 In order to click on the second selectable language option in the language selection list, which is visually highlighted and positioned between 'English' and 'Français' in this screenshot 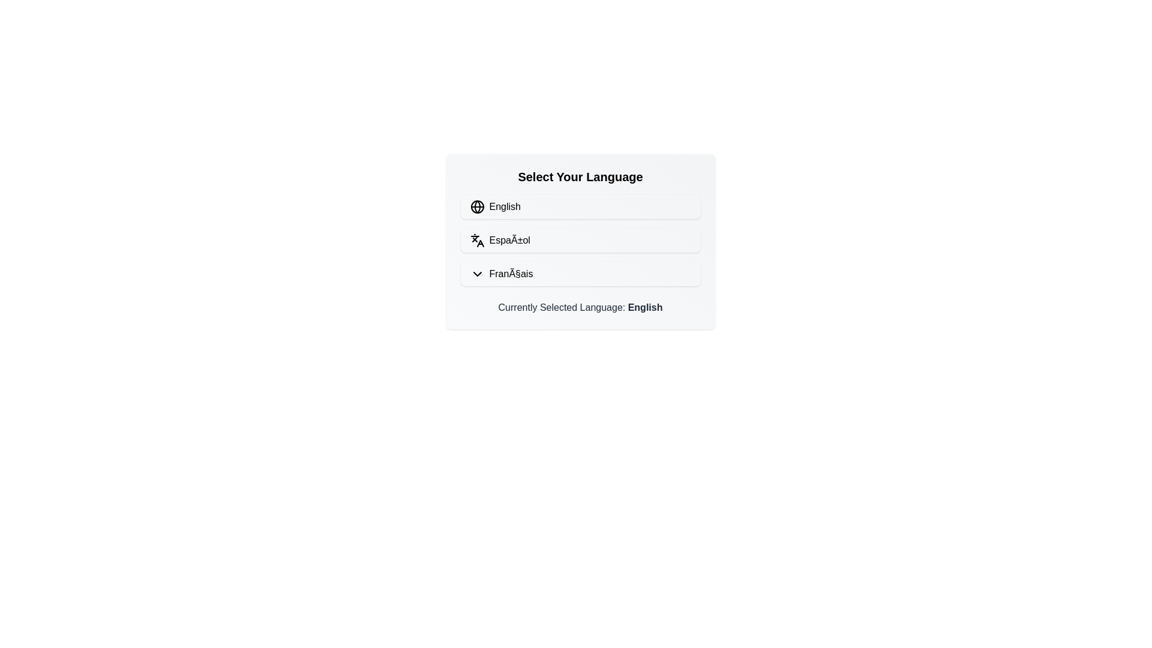, I will do `click(580, 241)`.